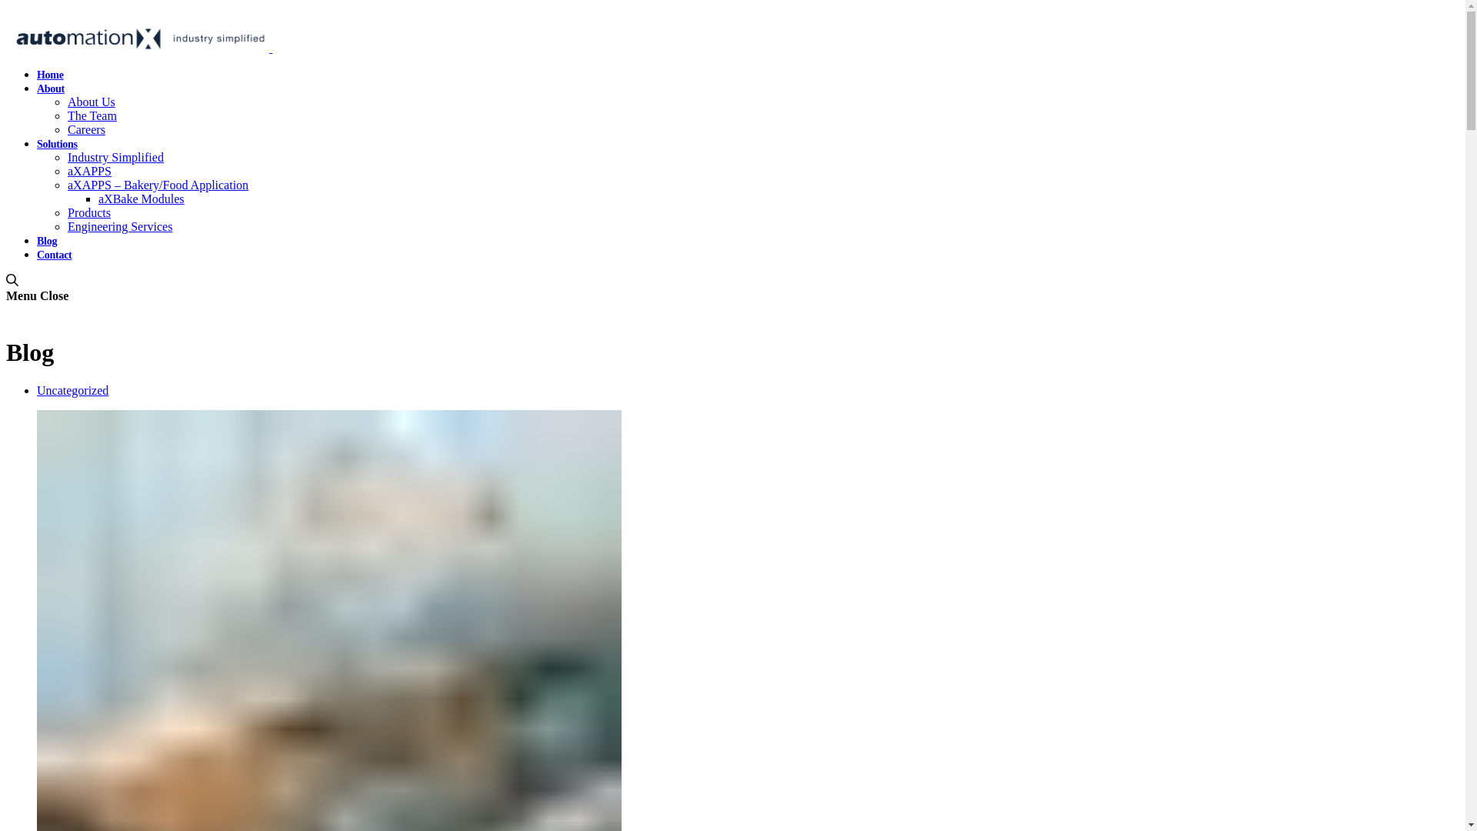 The width and height of the screenshot is (1477, 831). I want to click on 'About', so click(51, 88).